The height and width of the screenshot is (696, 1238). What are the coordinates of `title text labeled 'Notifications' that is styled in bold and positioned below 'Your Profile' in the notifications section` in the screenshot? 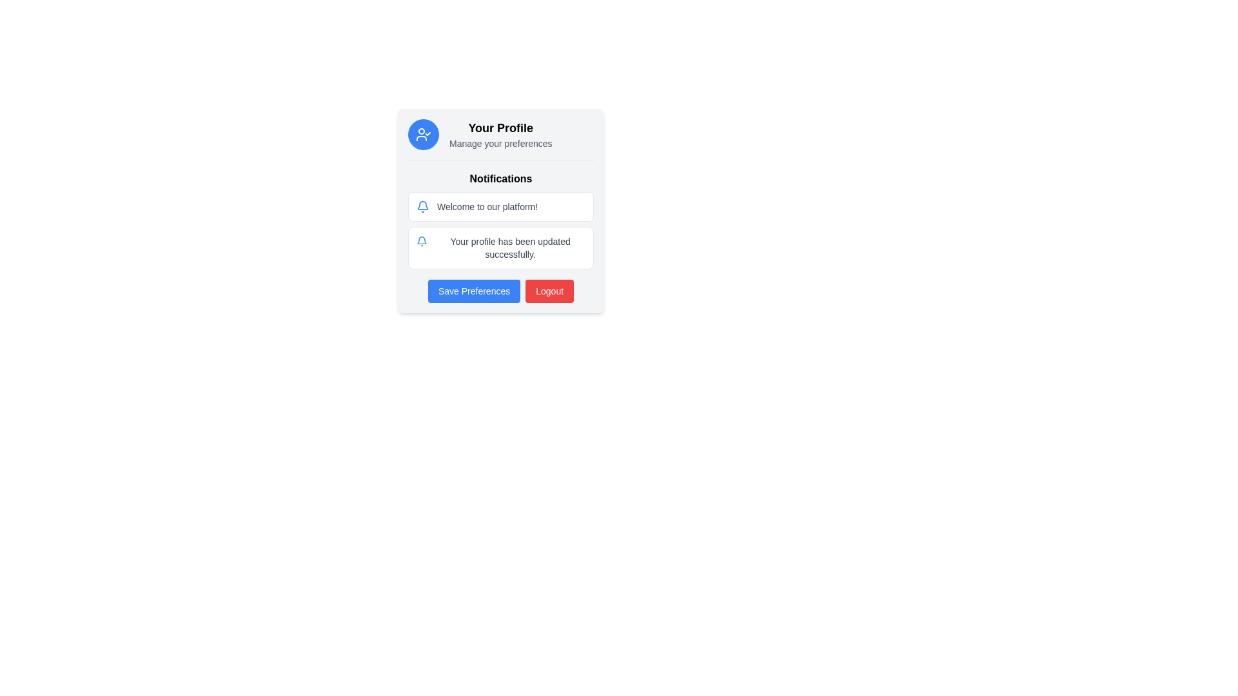 It's located at (500, 179).